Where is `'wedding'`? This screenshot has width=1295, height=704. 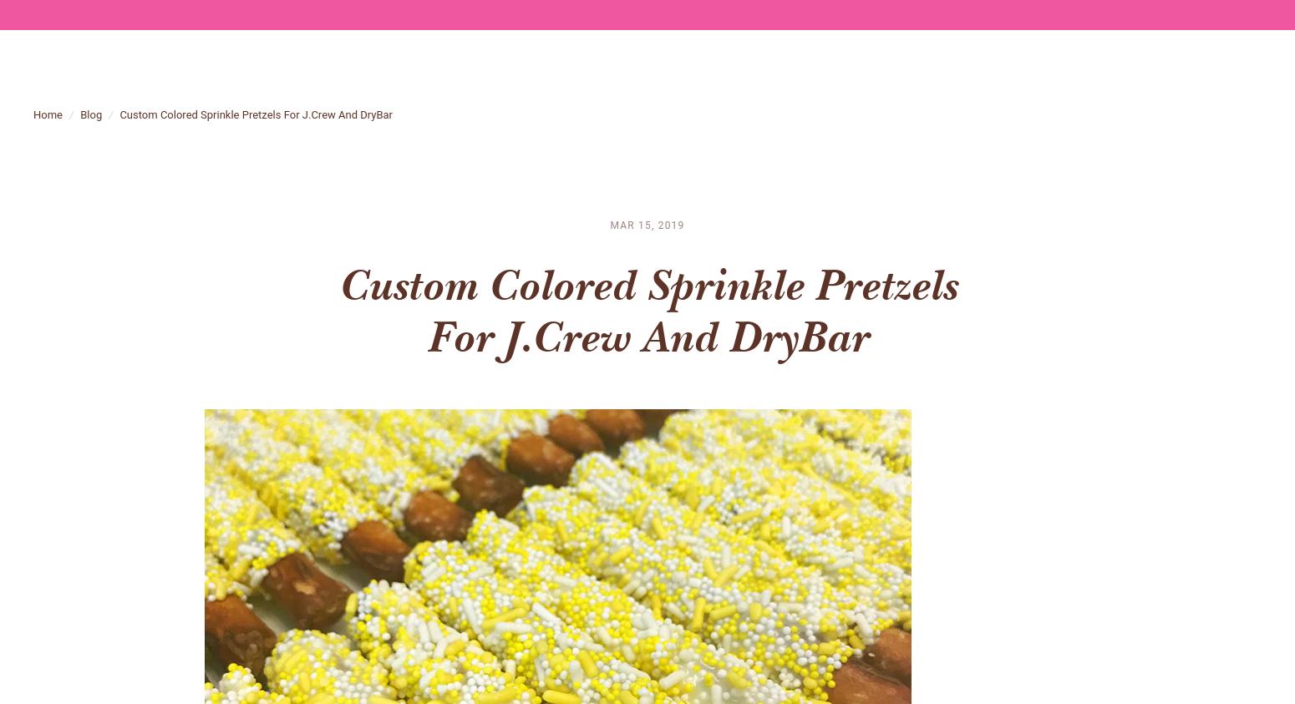 'wedding' is located at coordinates (913, 129).